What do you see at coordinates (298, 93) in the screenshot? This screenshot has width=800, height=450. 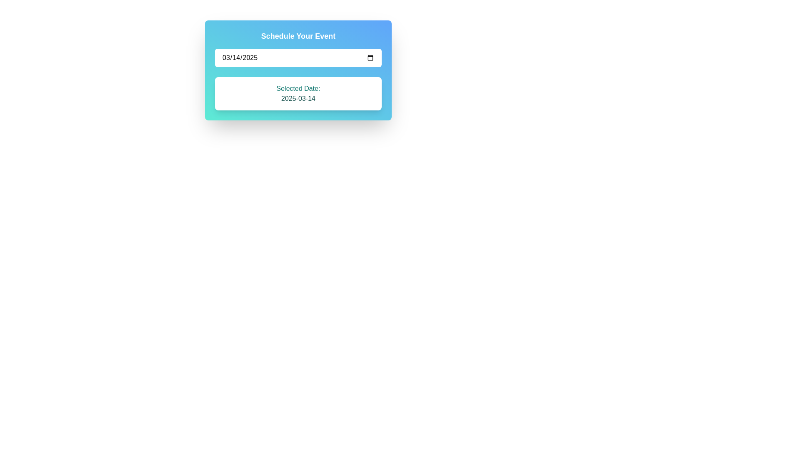 I see `the Static Display Box that displays the text 'Selected Date:' and '2025-03-14', which is a rectangular box with a white background and rounded corners, positioned centrally below the date picker input field` at bounding box center [298, 93].